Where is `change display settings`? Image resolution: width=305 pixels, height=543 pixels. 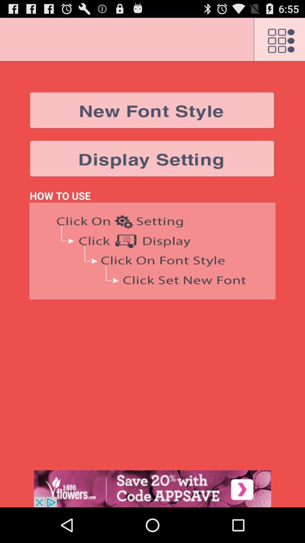 change display settings is located at coordinates (152, 159).